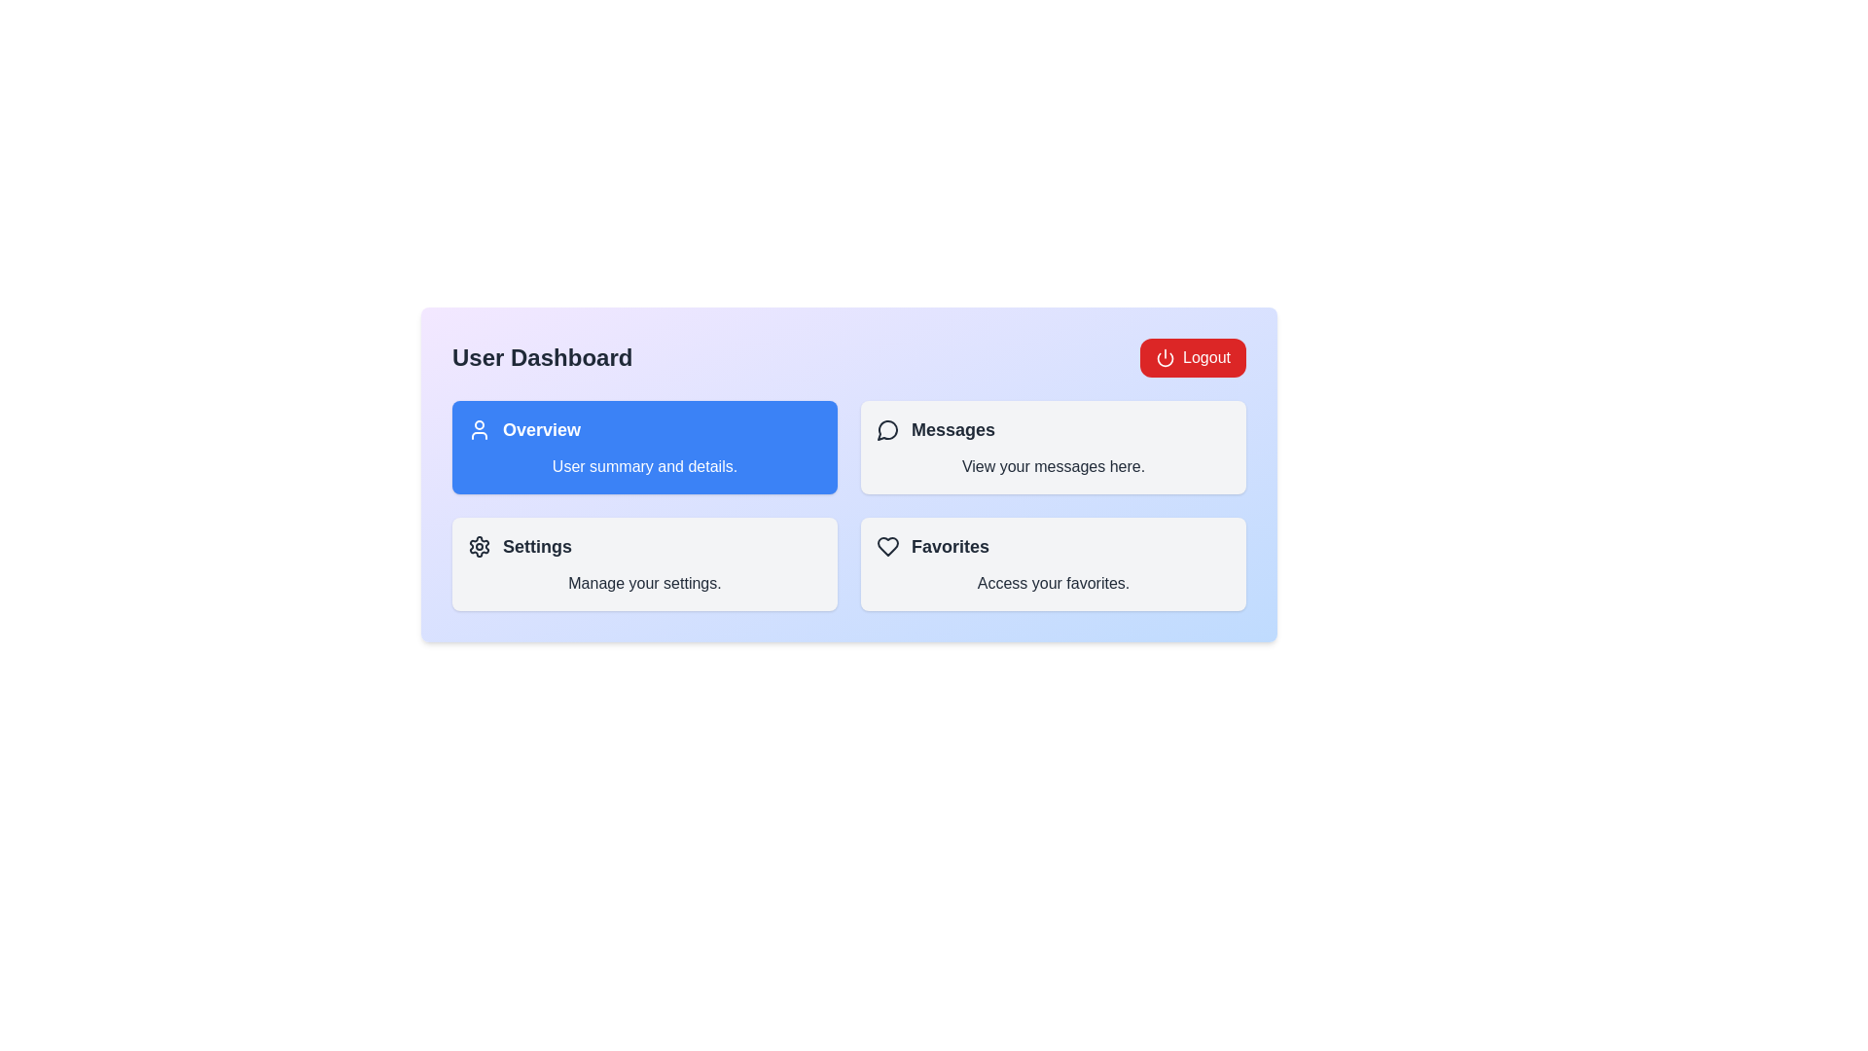  I want to click on the descriptive text located beneath the 'Overview' header in the 'User Dashboard' interface, so click(644, 466).